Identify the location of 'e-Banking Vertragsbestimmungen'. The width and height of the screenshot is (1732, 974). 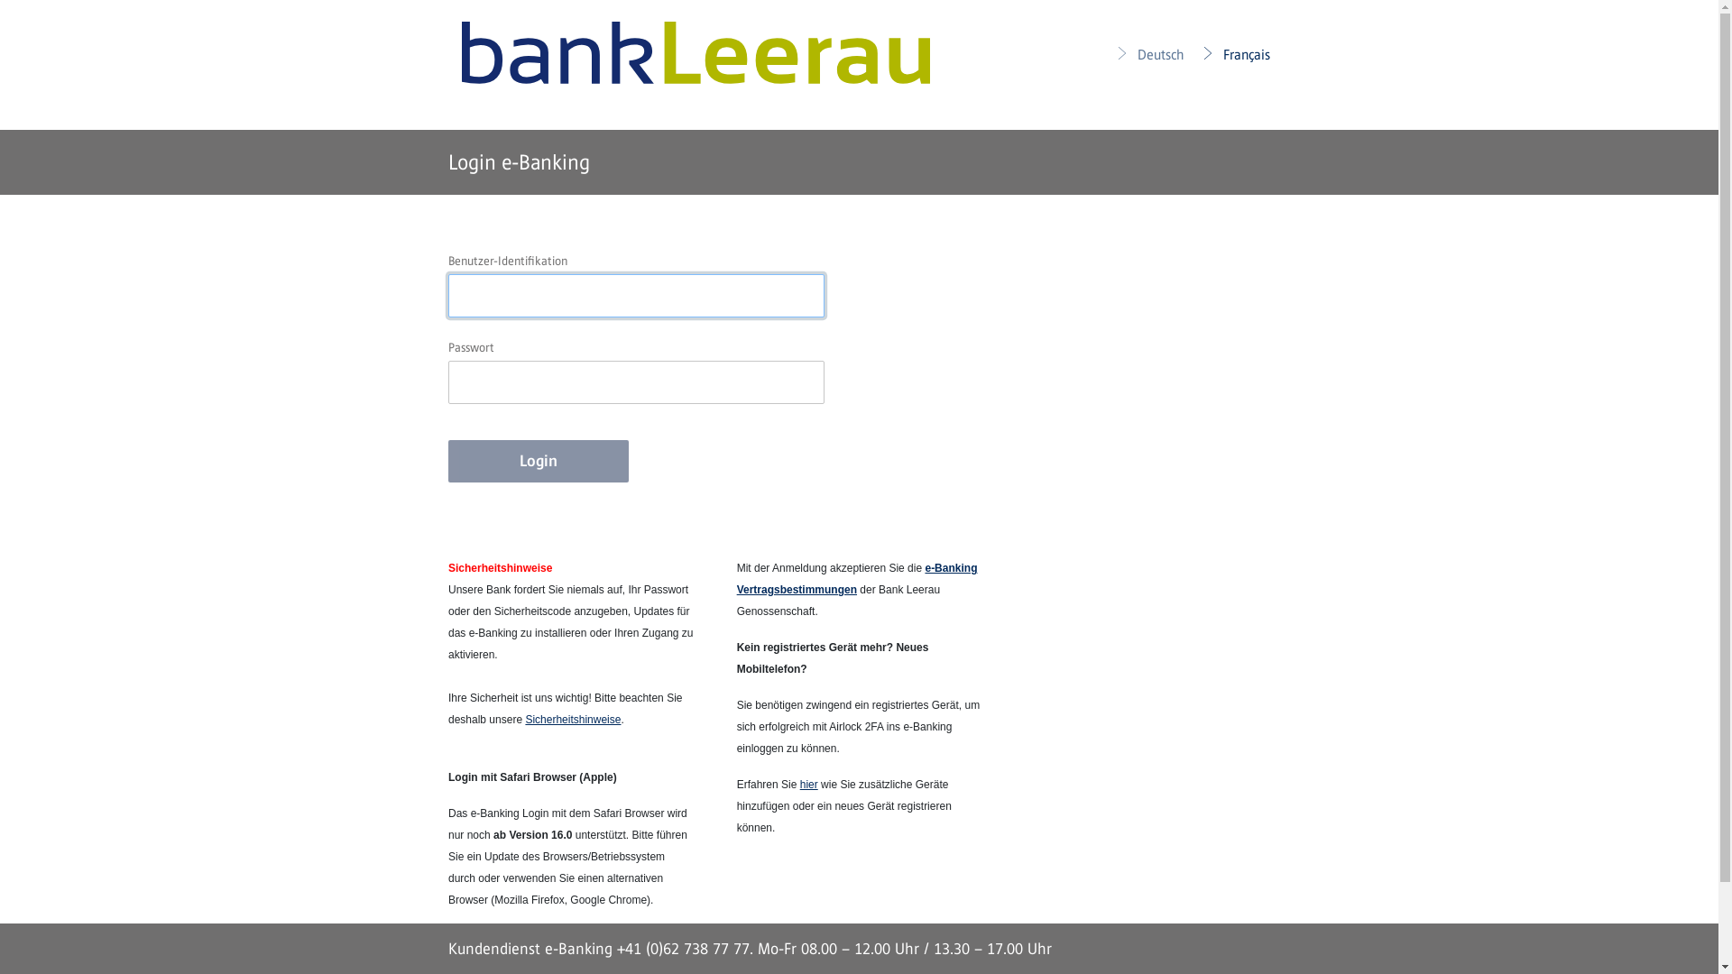
(856, 578).